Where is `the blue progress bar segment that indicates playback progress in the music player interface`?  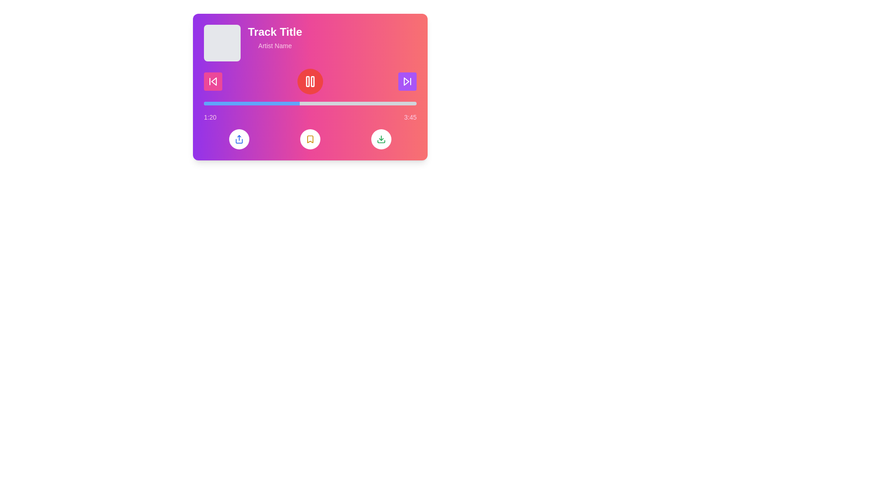 the blue progress bar segment that indicates playback progress in the music player interface is located at coordinates (252, 103).